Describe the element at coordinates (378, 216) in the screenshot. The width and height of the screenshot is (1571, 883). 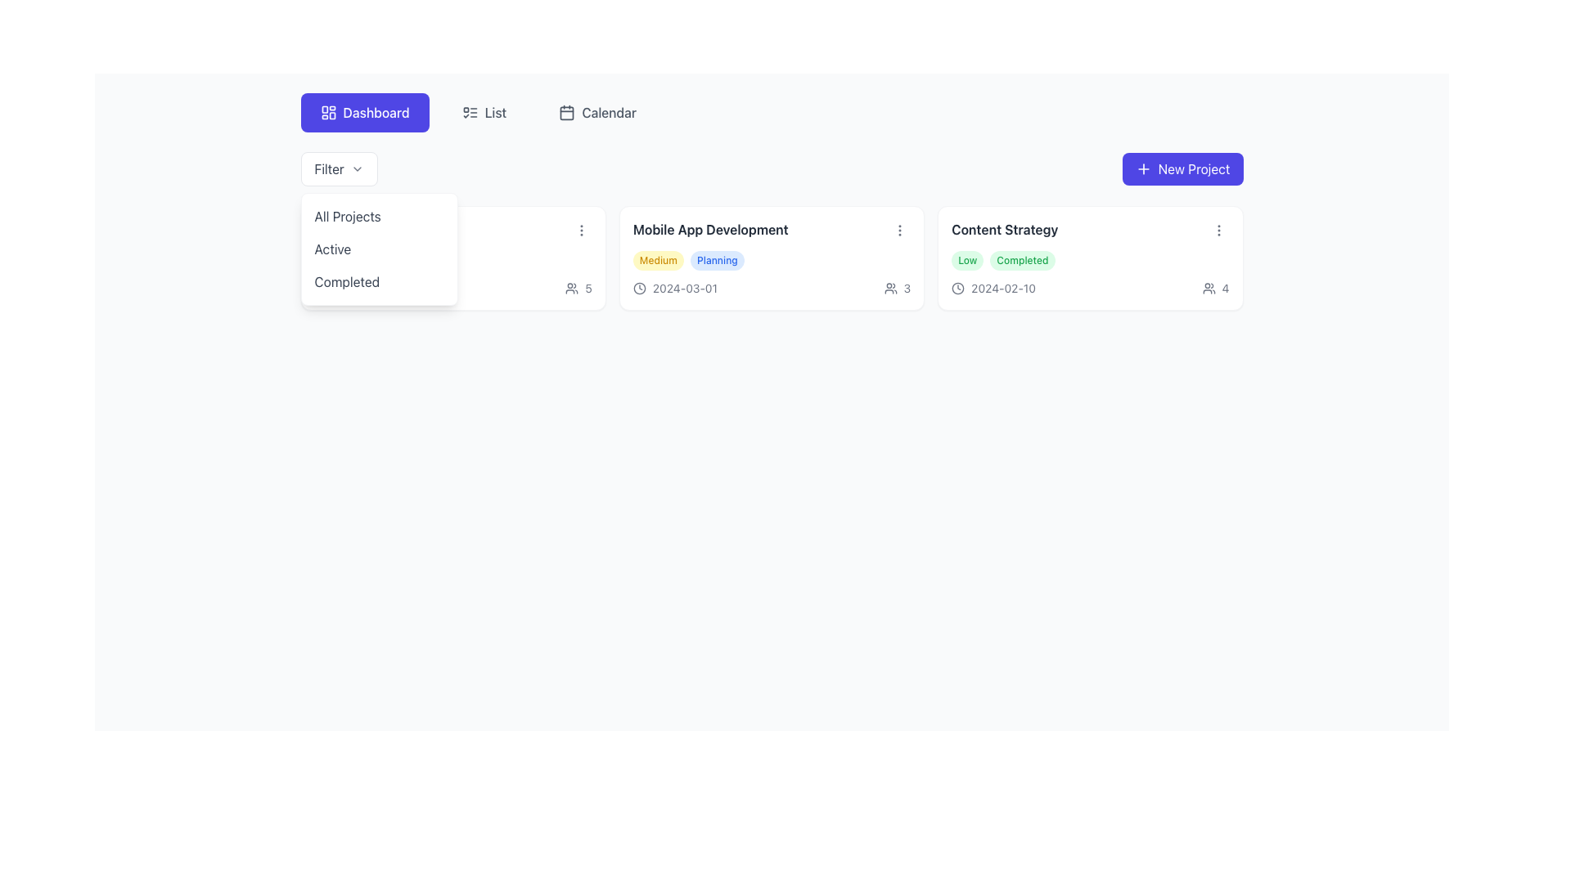
I see `the first option in the dropdown menu that serves as a filter for all projects, located below the 'Filter' button` at that location.